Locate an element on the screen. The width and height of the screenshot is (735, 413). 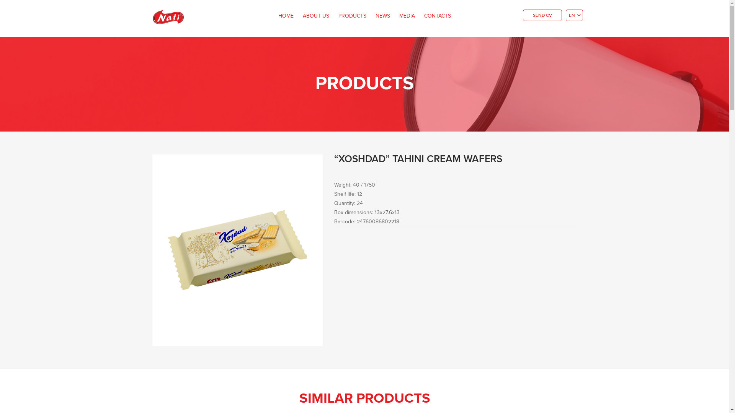
'NEWS' is located at coordinates (382, 16).